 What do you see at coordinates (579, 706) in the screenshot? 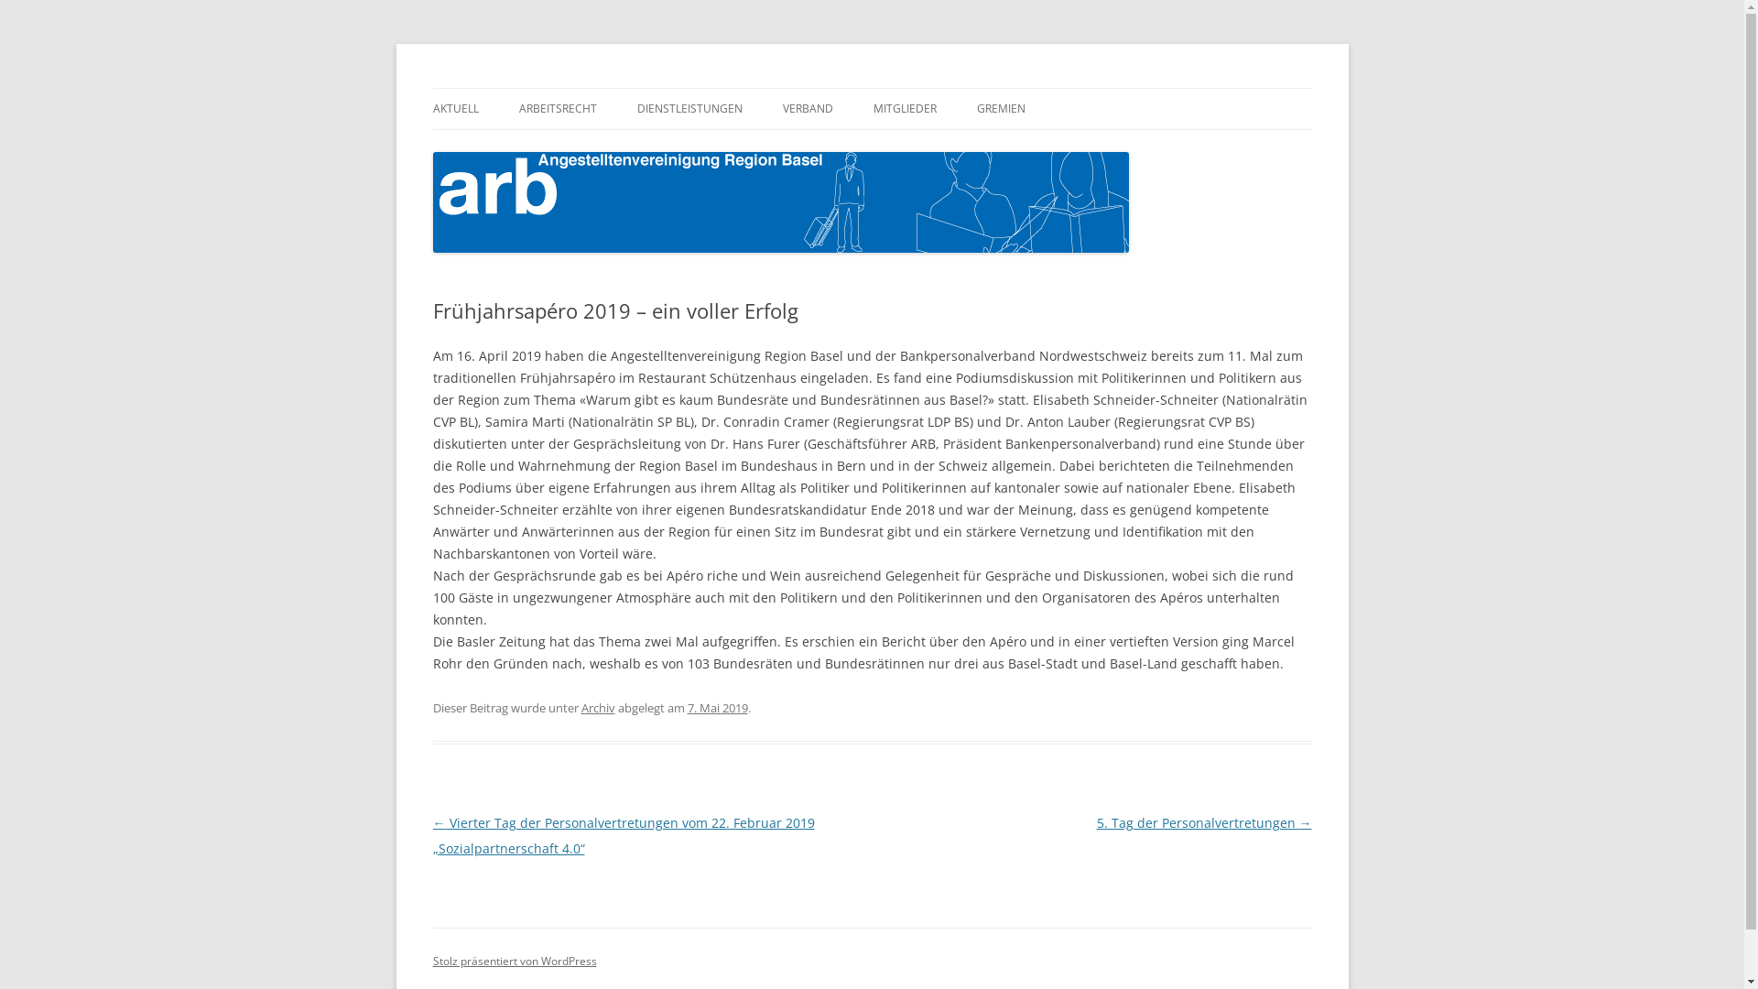
I see `'Archiv'` at bounding box center [579, 706].